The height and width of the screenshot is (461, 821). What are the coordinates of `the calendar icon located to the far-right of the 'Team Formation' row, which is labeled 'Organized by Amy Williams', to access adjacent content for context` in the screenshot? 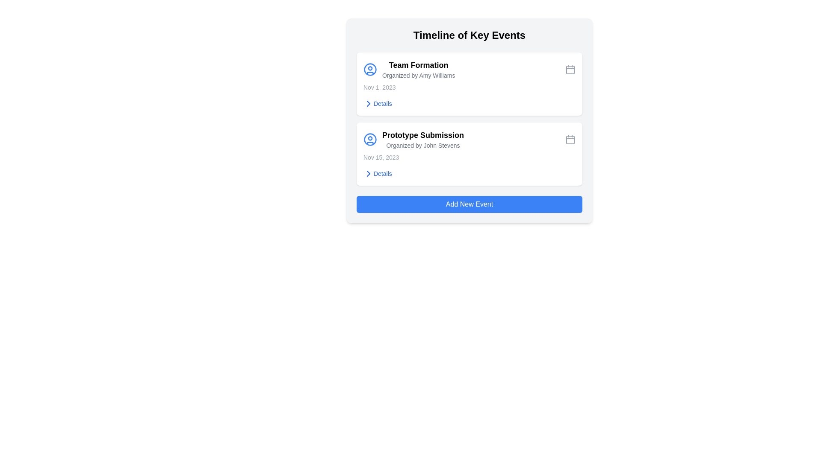 It's located at (570, 69).